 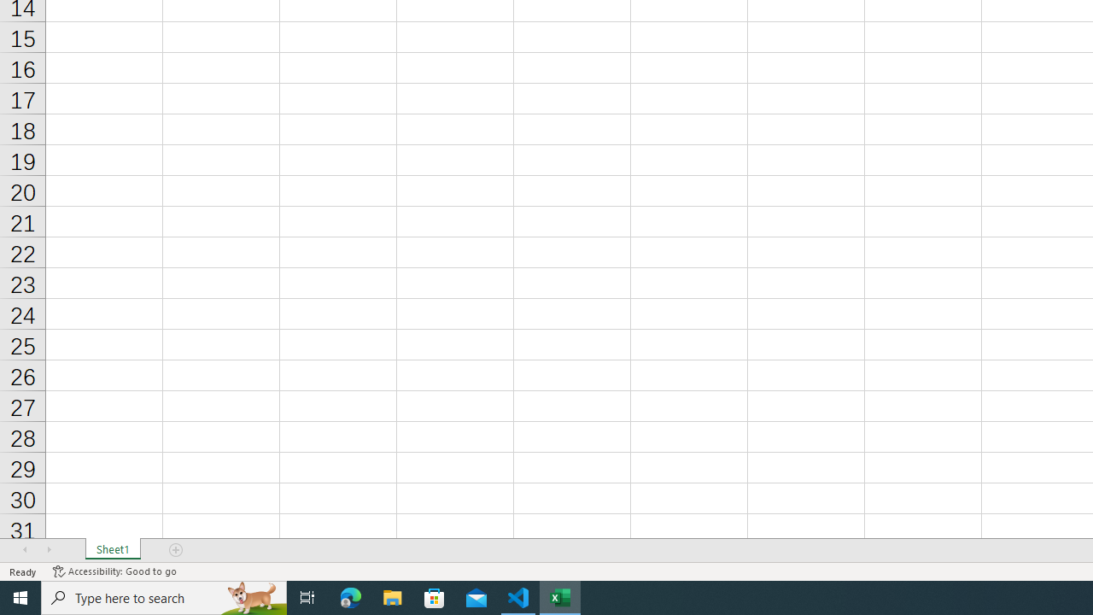 What do you see at coordinates (114, 571) in the screenshot?
I see `'Accessibility Checker Accessibility: Good to go'` at bounding box center [114, 571].